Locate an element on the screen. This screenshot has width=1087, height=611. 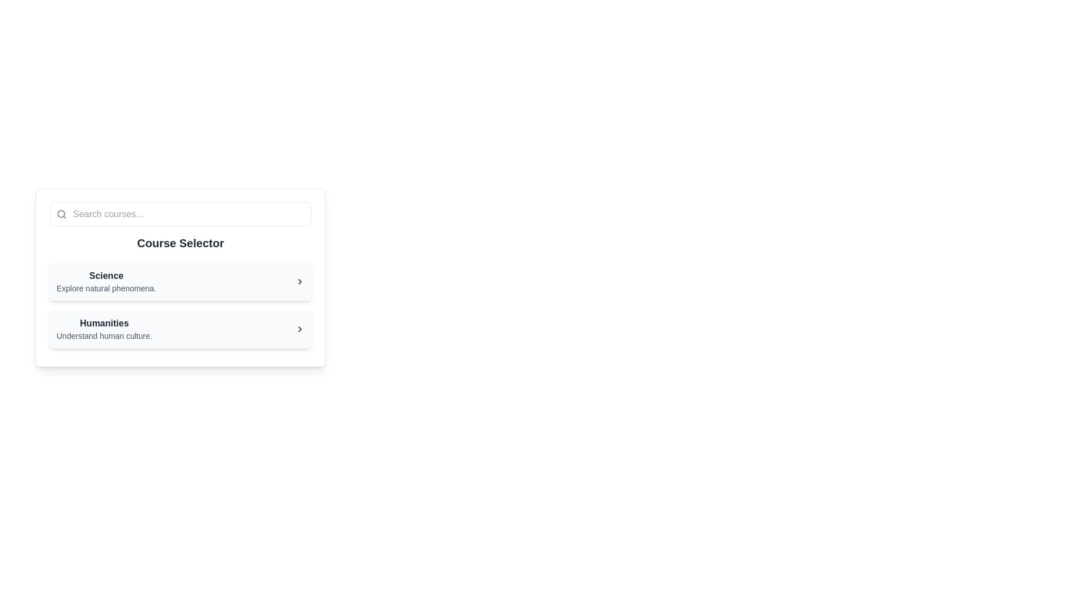
text from the 'Course Selector' label, which is a bold, large-sized, dark gray text located centrally below the input search field is located at coordinates (179, 242).